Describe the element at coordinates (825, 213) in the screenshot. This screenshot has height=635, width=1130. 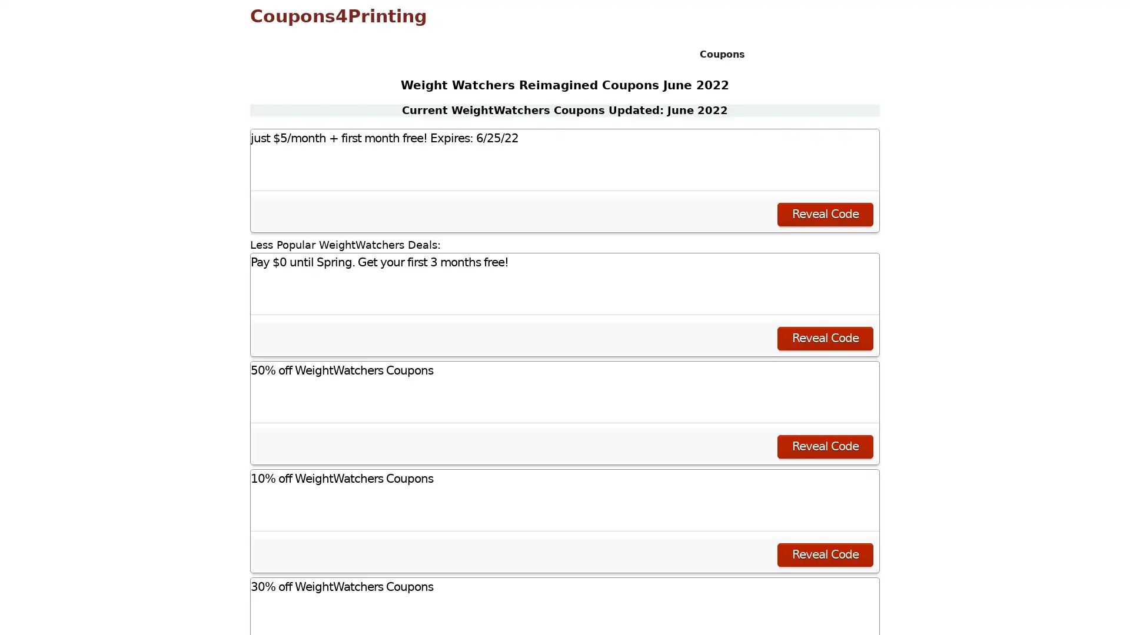
I see `Reveal Code` at that location.